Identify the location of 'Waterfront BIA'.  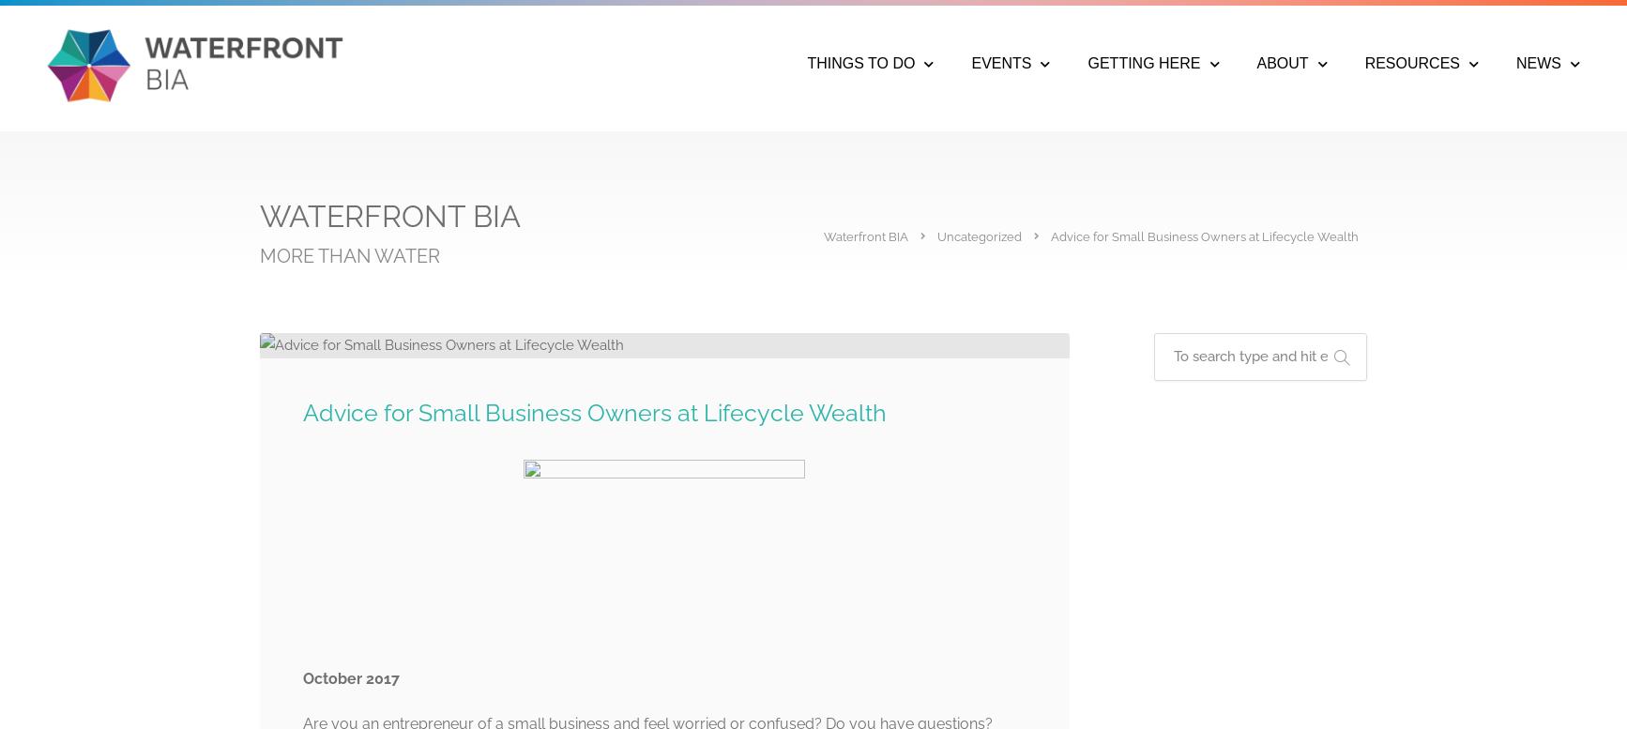
(866, 236).